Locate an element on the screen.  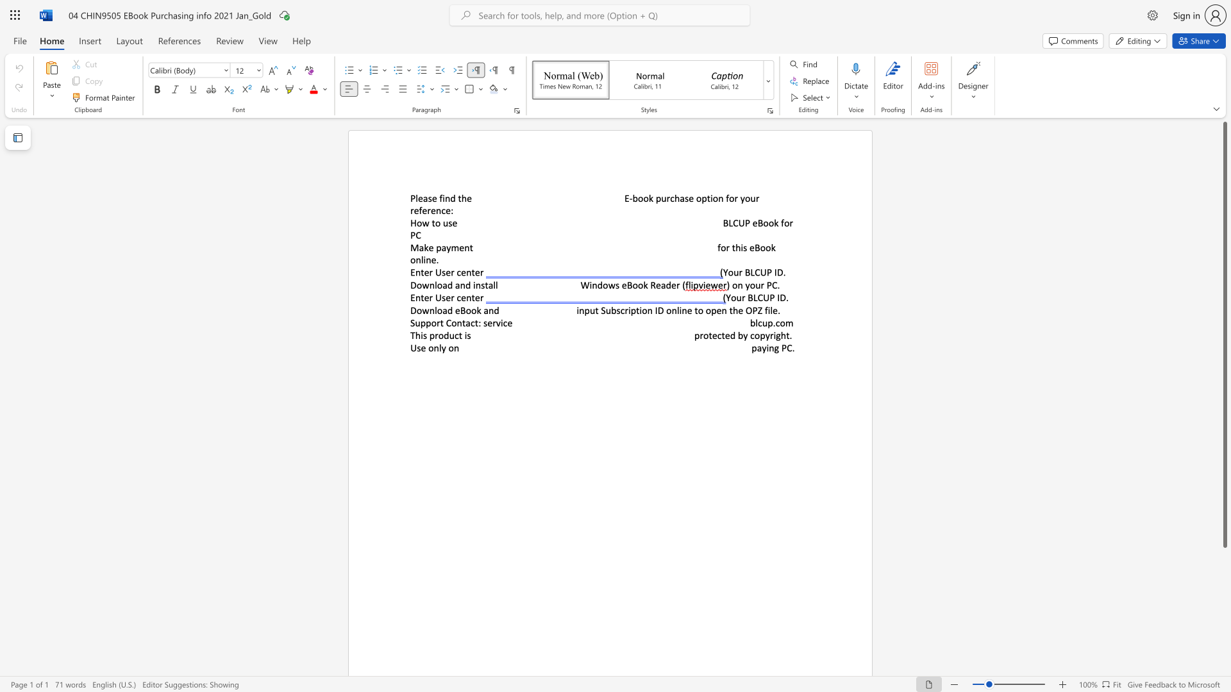
the 1th character "r" in the text is located at coordinates (431, 272).